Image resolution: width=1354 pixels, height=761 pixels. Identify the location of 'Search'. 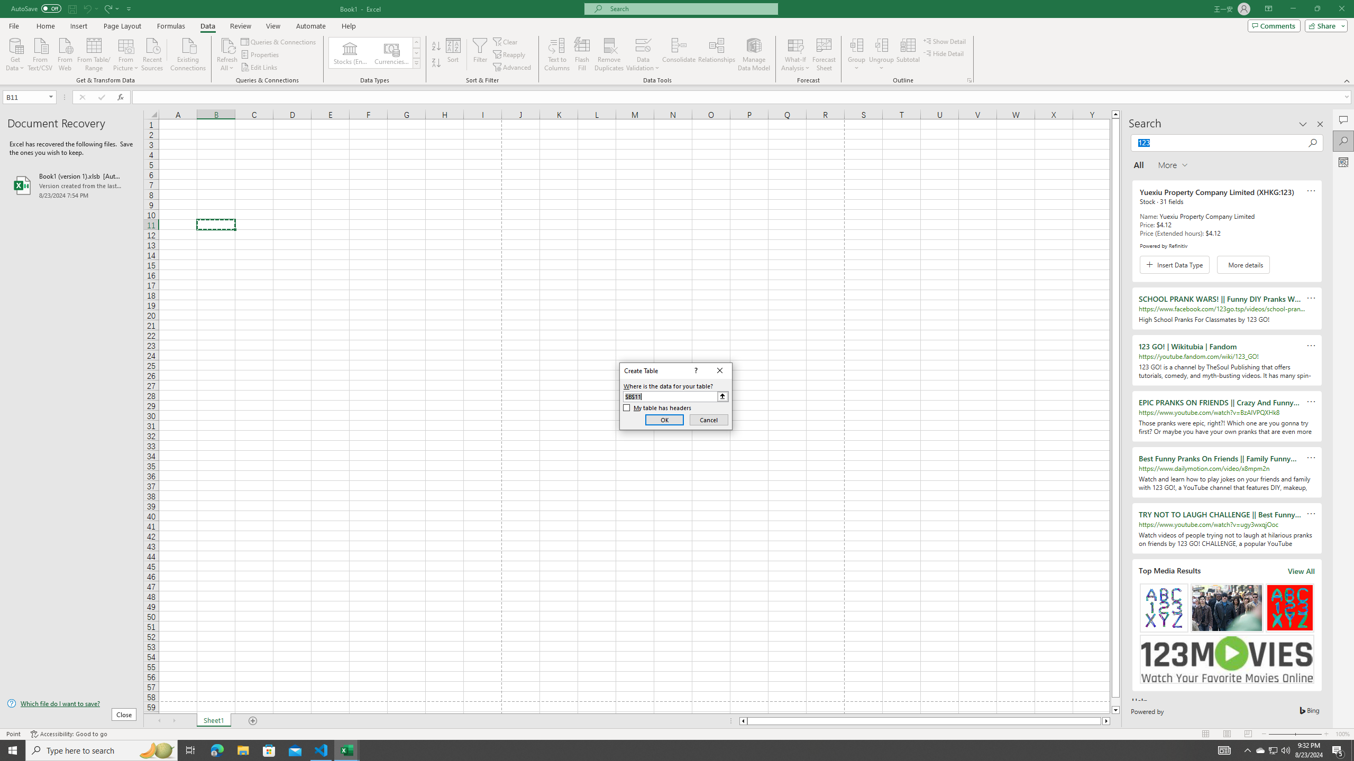
(1343, 141).